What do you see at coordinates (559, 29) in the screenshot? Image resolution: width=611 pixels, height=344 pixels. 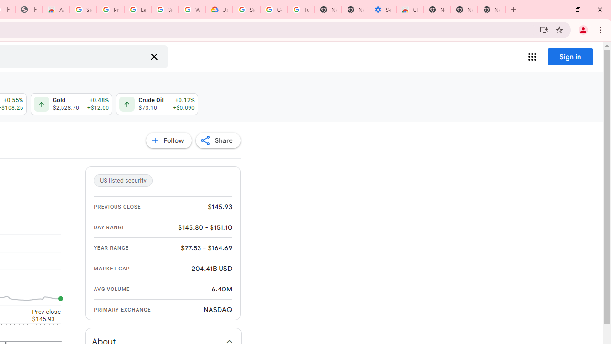 I see `'Bookmark this tab'` at bounding box center [559, 29].